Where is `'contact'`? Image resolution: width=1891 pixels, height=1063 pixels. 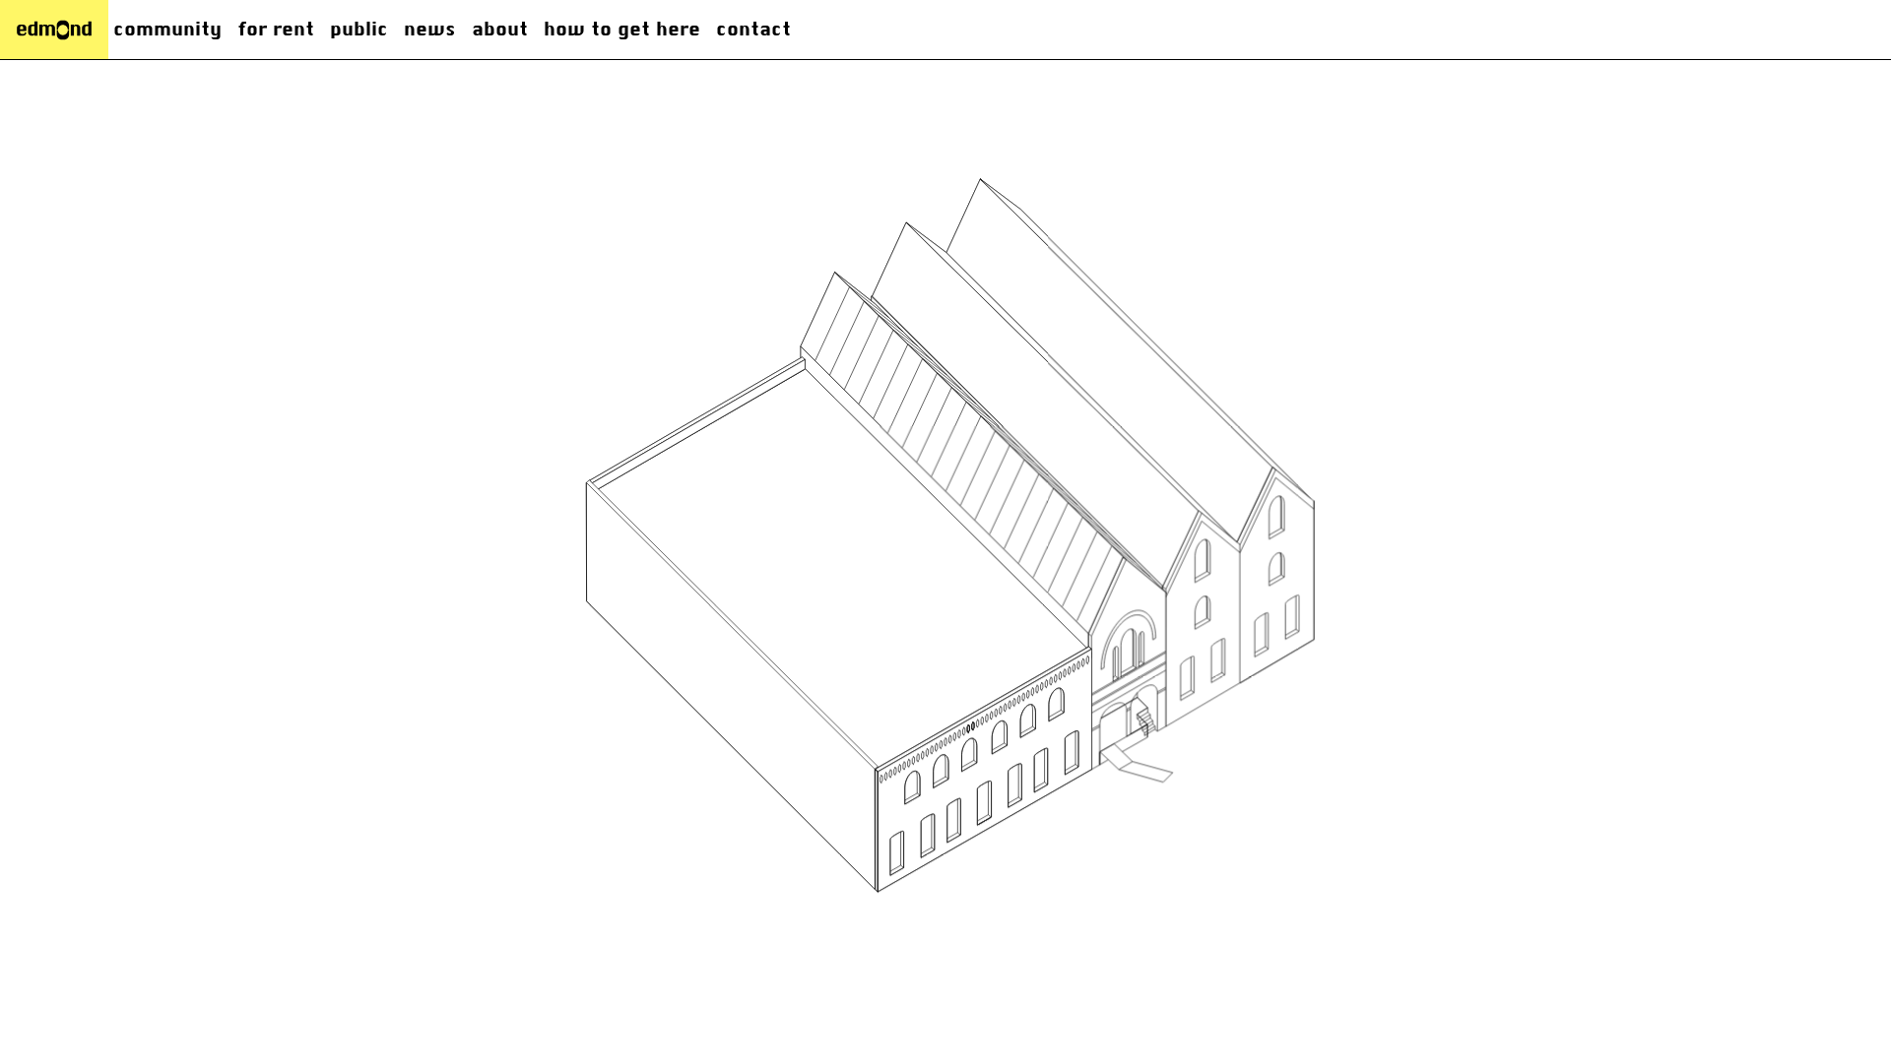
'contact' is located at coordinates (751, 30).